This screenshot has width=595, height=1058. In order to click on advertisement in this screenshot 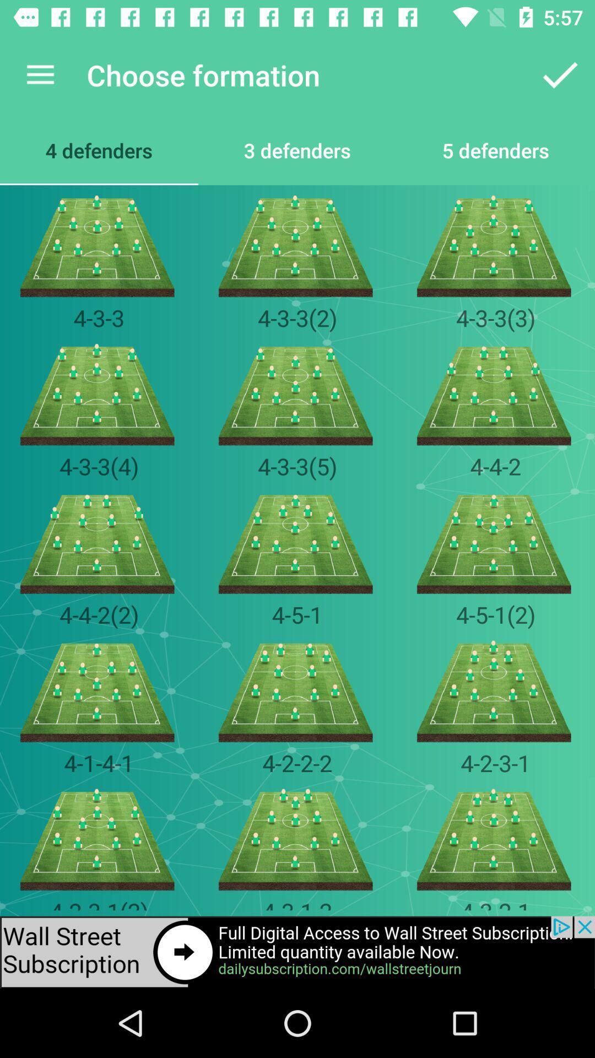, I will do `click(297, 952)`.